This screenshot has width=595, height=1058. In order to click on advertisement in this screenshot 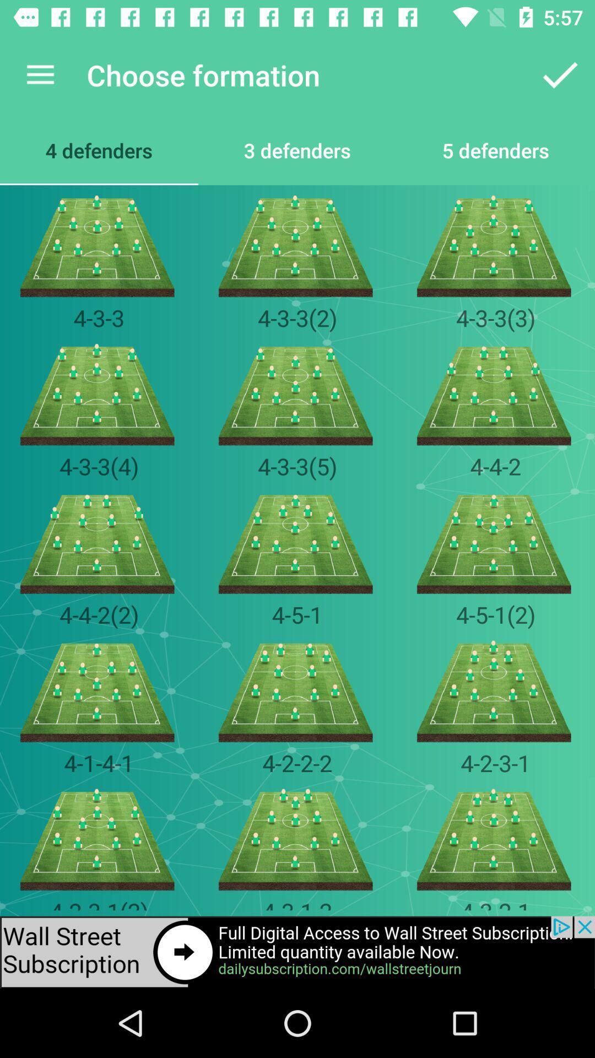, I will do `click(297, 952)`.